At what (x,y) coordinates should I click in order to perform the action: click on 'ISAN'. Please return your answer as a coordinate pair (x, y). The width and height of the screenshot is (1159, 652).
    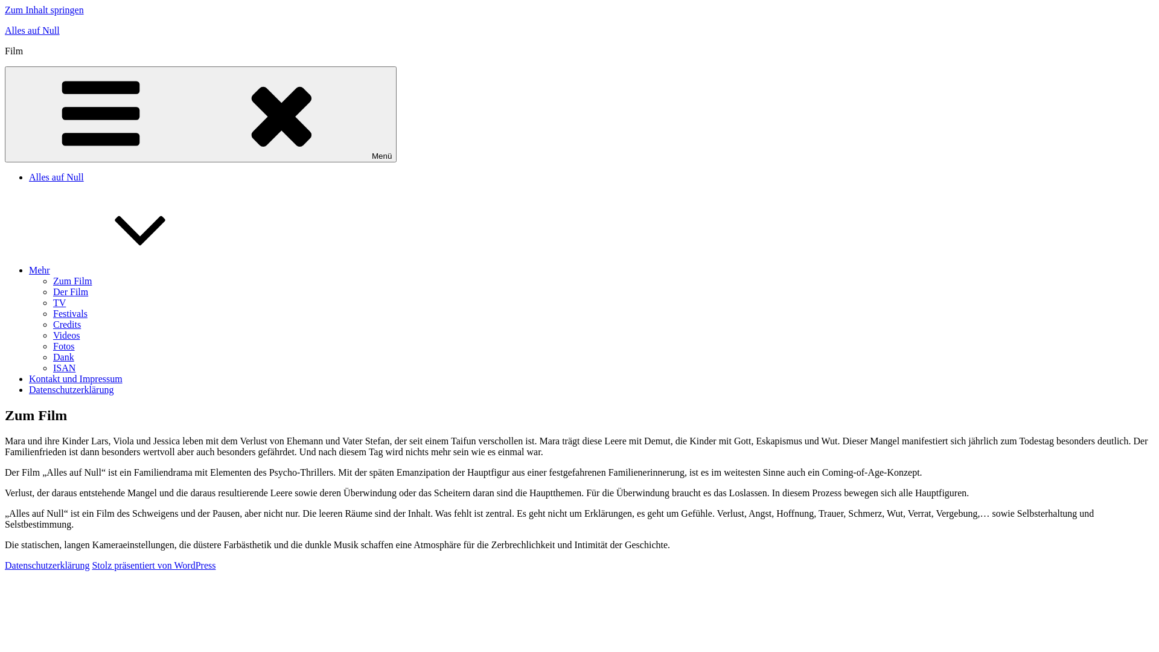
    Looking at the image, I should click on (63, 367).